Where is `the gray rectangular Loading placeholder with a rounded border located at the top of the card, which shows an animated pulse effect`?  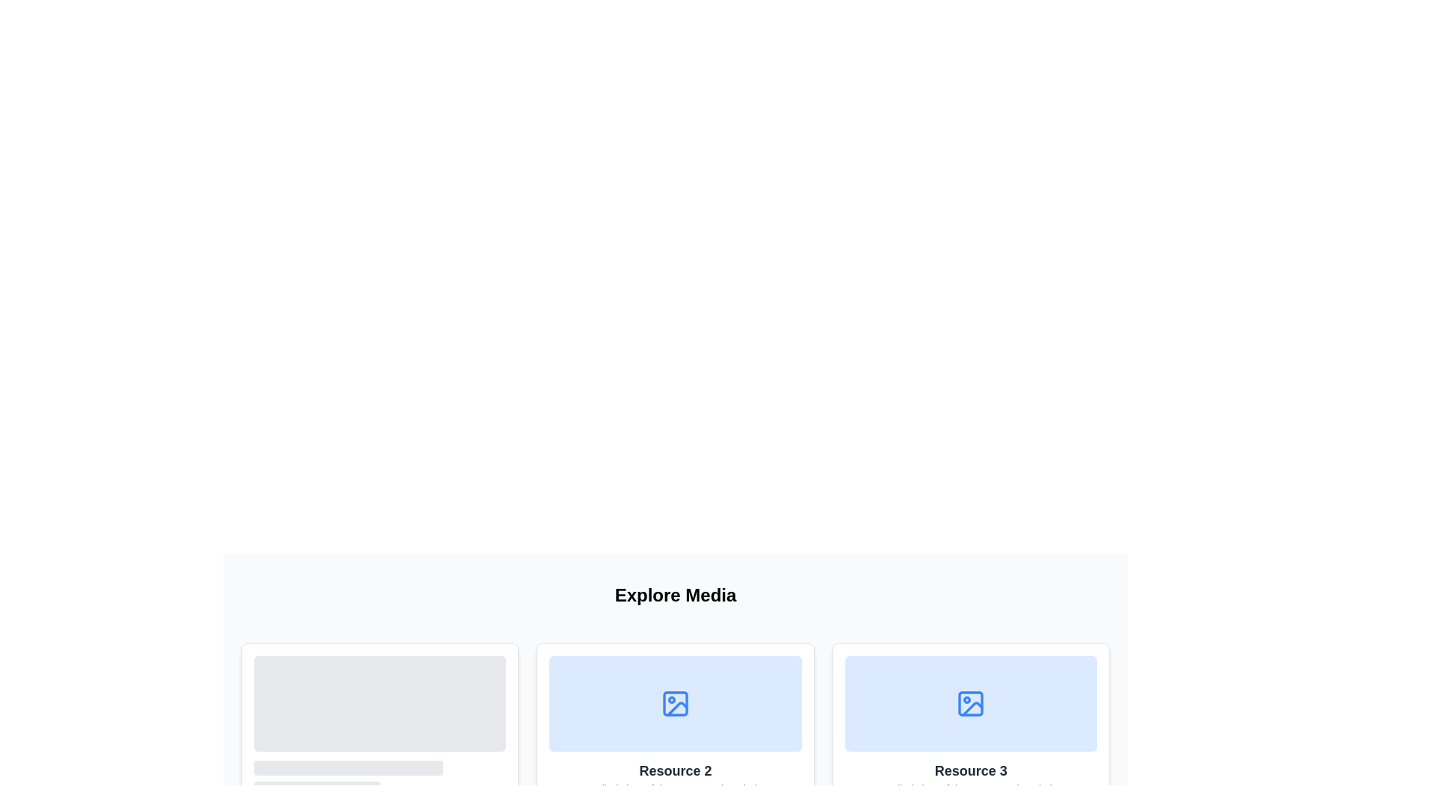 the gray rectangular Loading placeholder with a rounded border located at the top of the card, which shows an animated pulse effect is located at coordinates (380, 723).